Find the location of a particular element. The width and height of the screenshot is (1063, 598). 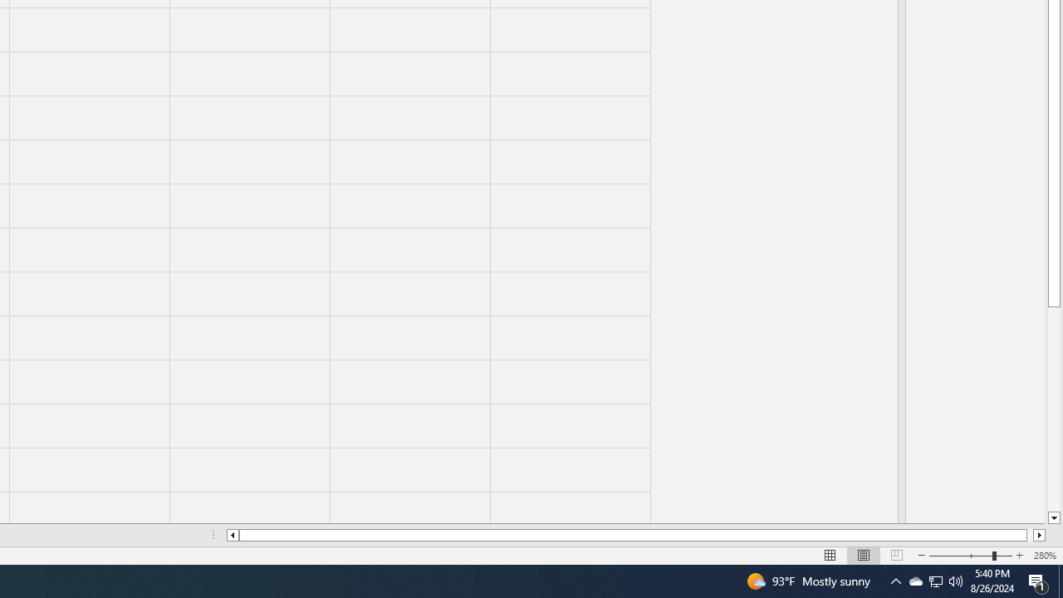

'Line down' is located at coordinates (1053, 517).